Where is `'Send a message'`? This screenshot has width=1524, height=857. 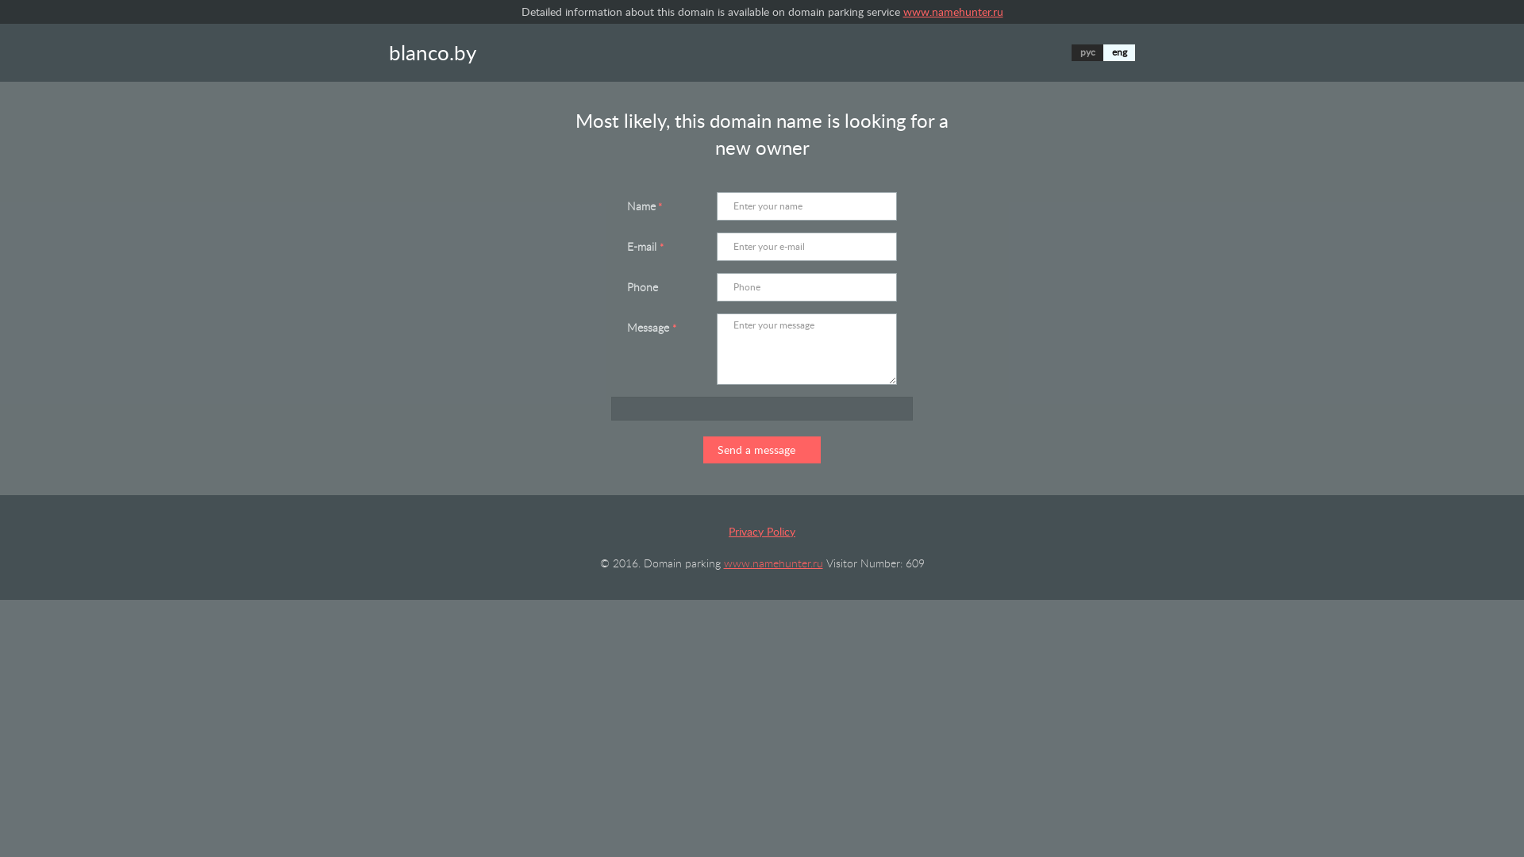 'Send a message' is located at coordinates (762, 450).